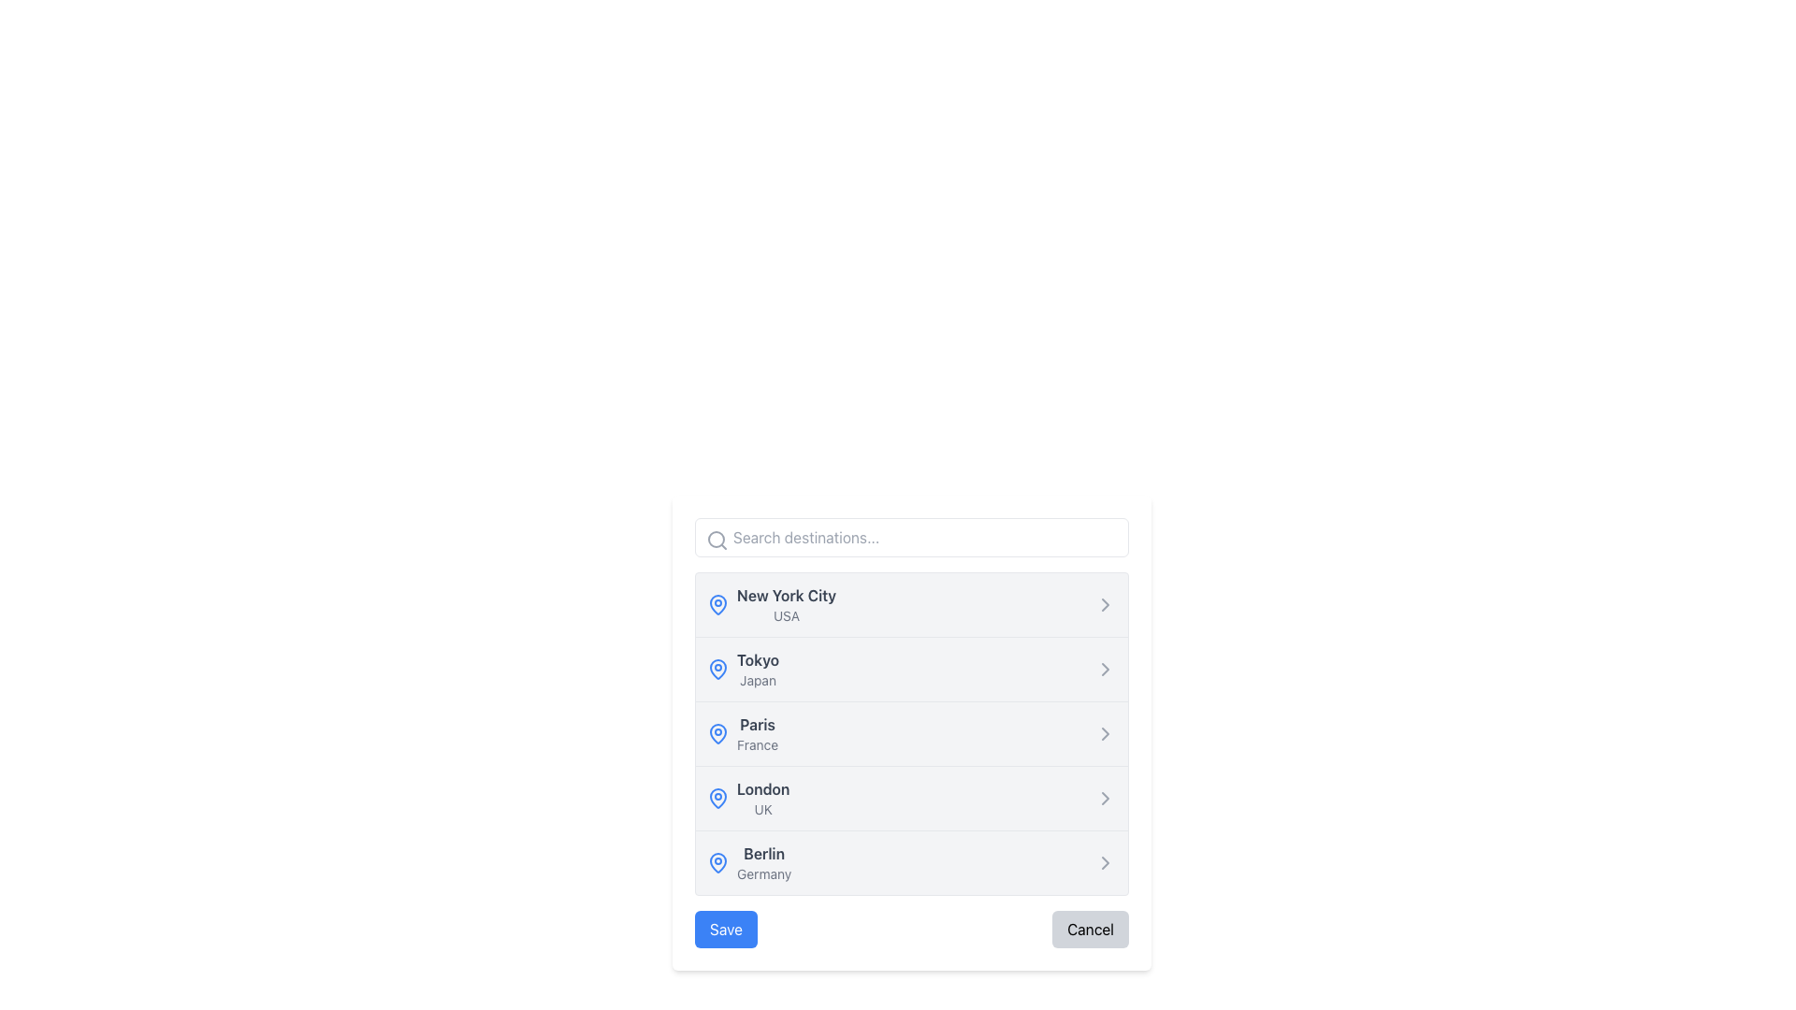 This screenshot has width=1796, height=1010. Describe the element at coordinates (787, 605) in the screenshot. I see `the first list item displaying 'New York City' with a blue map pin icon` at that location.